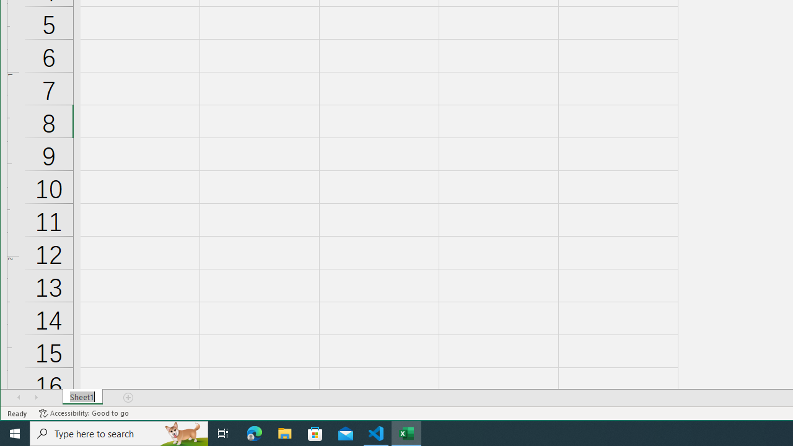  What do you see at coordinates (82, 397) in the screenshot?
I see `'Sheet Tab'` at bounding box center [82, 397].